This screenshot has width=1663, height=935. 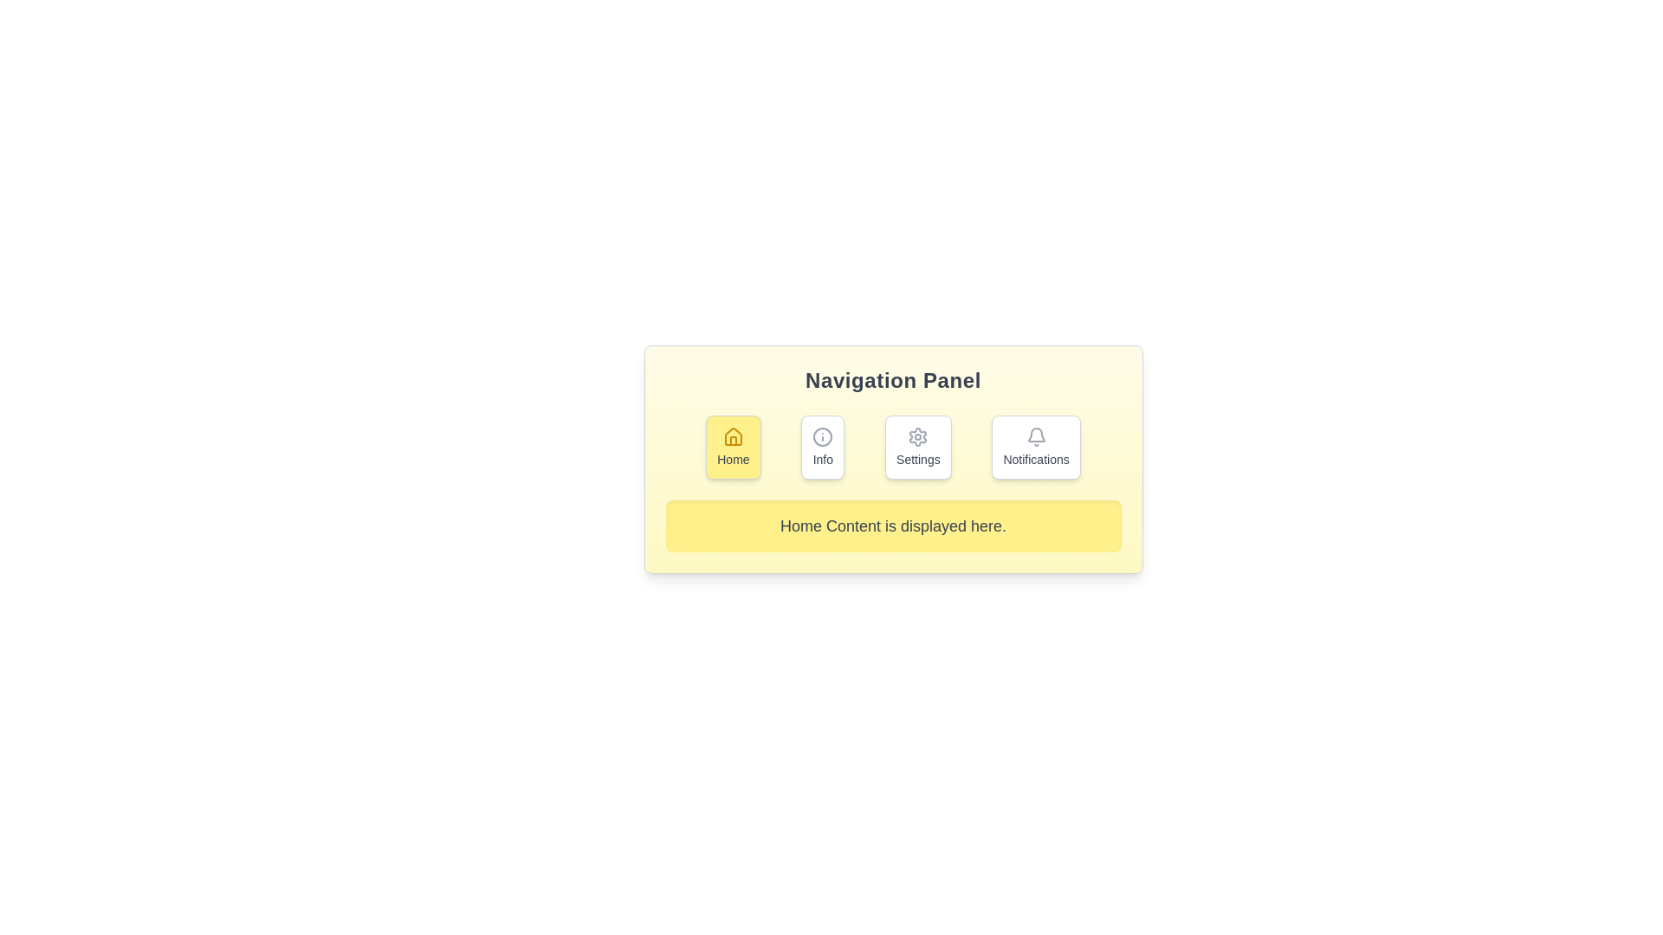 What do you see at coordinates (893, 379) in the screenshot?
I see `the 'Navigation Panel' text label, which serves as the title for the section above the interactive buttons` at bounding box center [893, 379].